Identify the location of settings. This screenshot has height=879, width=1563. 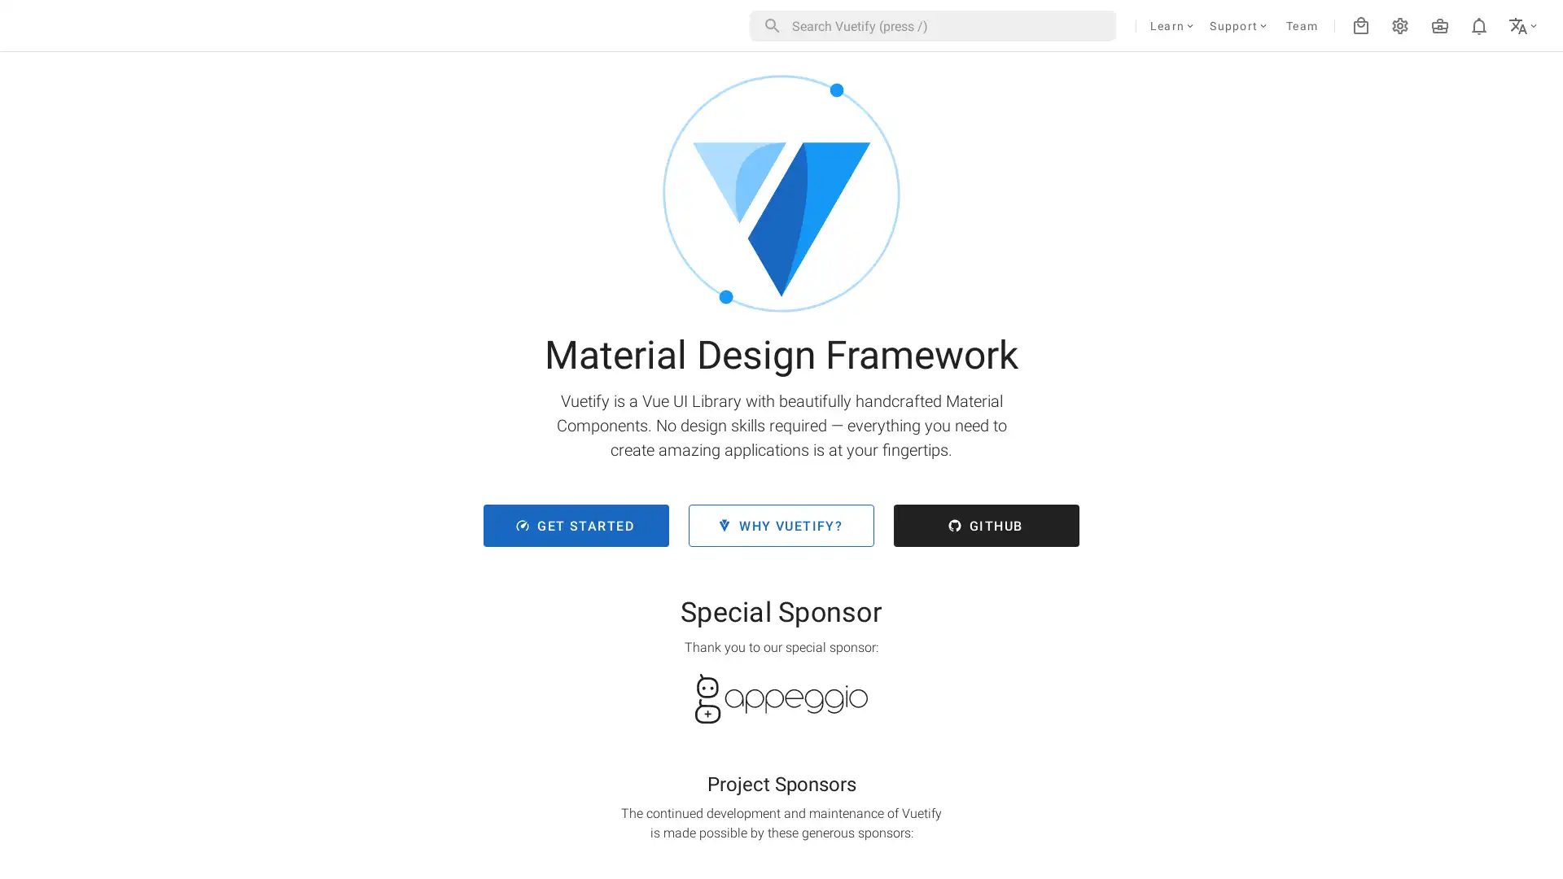
(1399, 25).